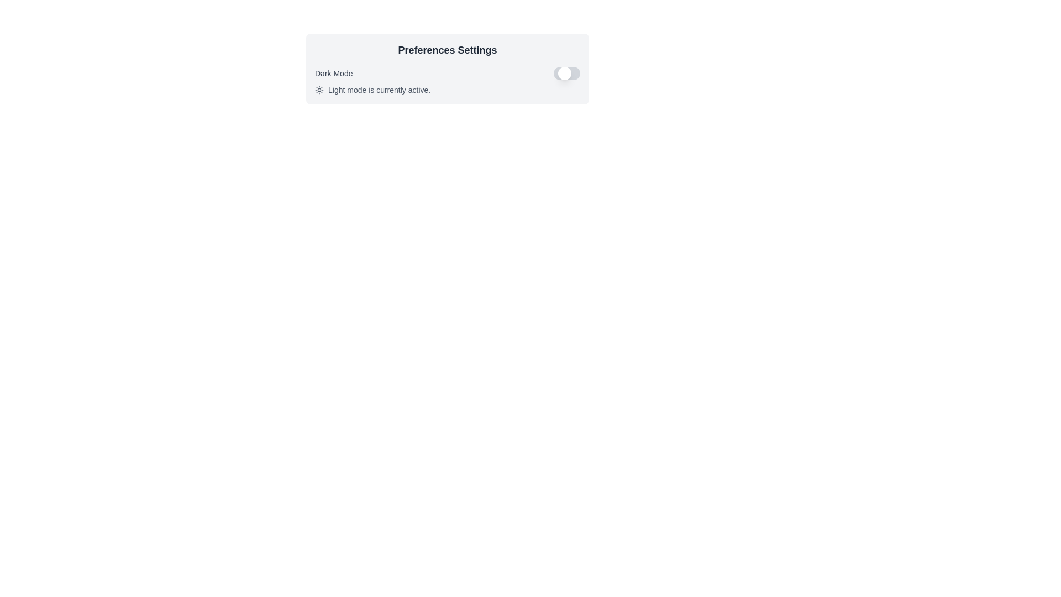  What do you see at coordinates (328, 84) in the screenshot?
I see `the text 'Light mode is currently active.' by clicking and dragging over it` at bounding box center [328, 84].